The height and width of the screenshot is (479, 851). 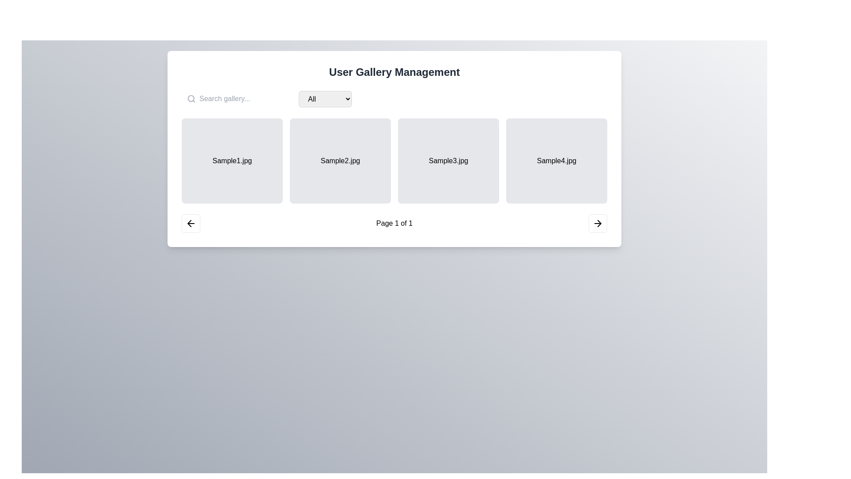 What do you see at coordinates (394, 223) in the screenshot?
I see `the text label displaying 'Page 1 of 1' located at the bottom-center of the 'User Gallery Management' section, which is part of the pagination controls` at bounding box center [394, 223].